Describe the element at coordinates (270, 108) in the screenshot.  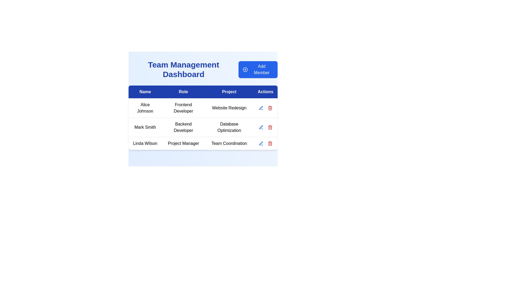
I see `the red trash bin icon in the 'Actions' column` at that location.